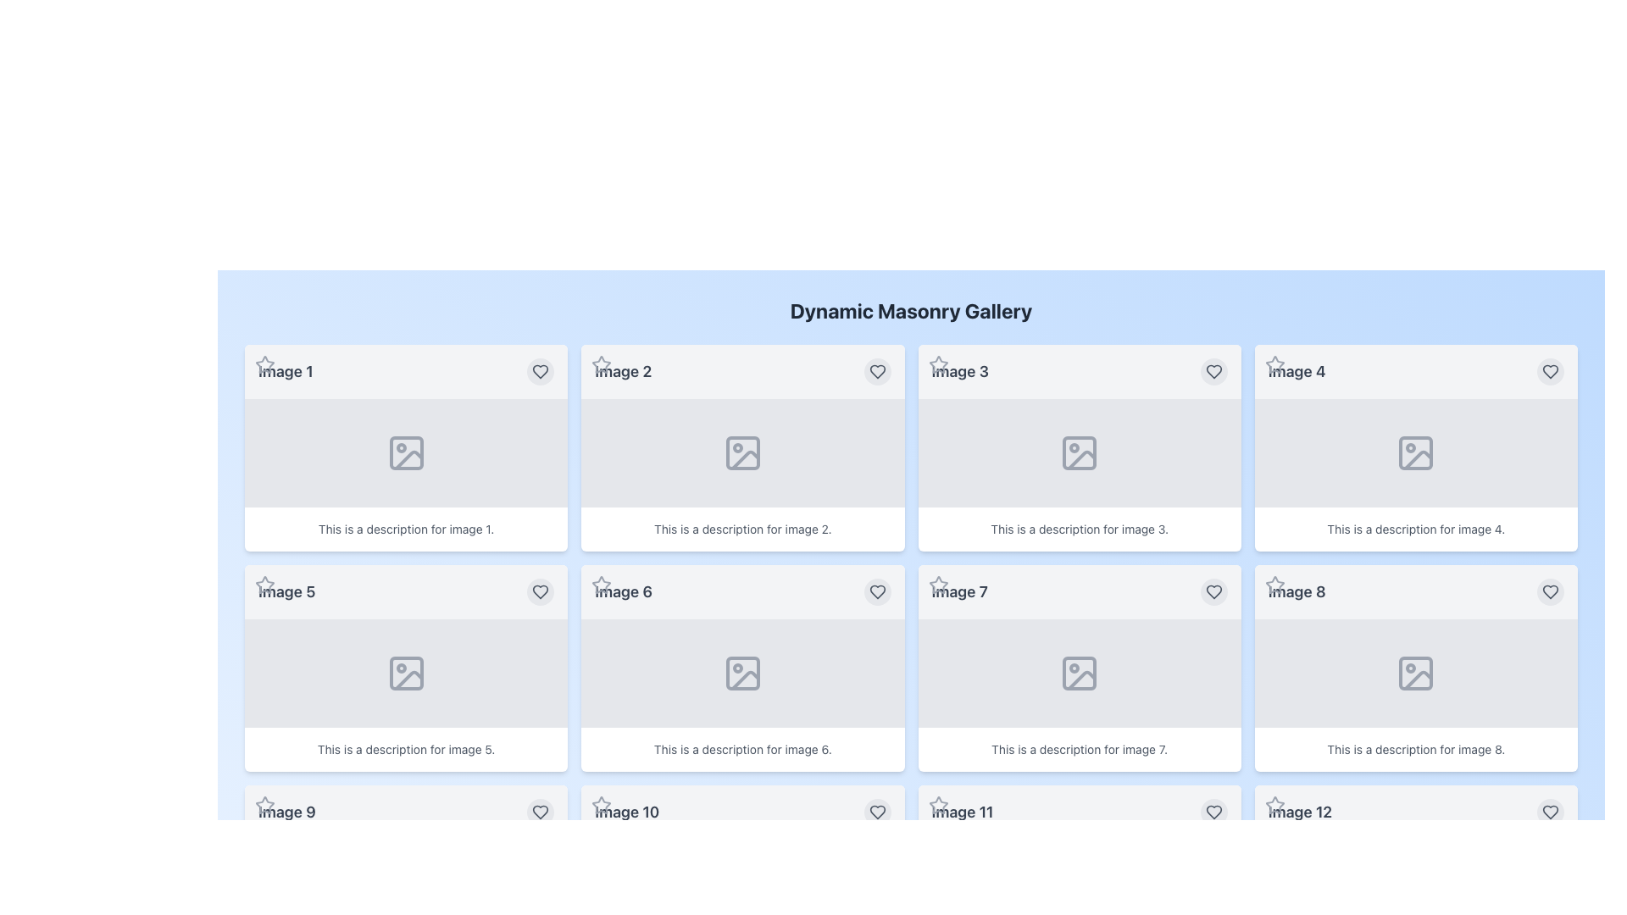 This screenshot has height=915, width=1627. Describe the element at coordinates (602, 804) in the screenshot. I see `the star icon located in the top-left corner of 'Image 10'` at that location.